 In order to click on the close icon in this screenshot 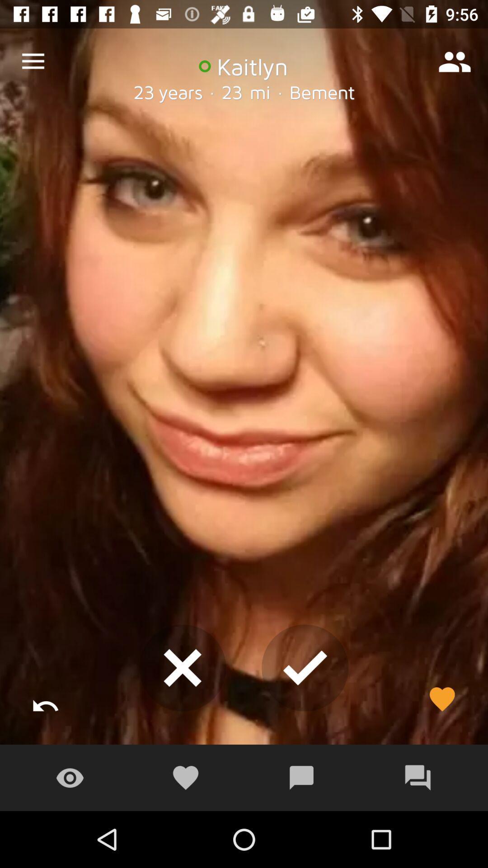, I will do `click(183, 668)`.